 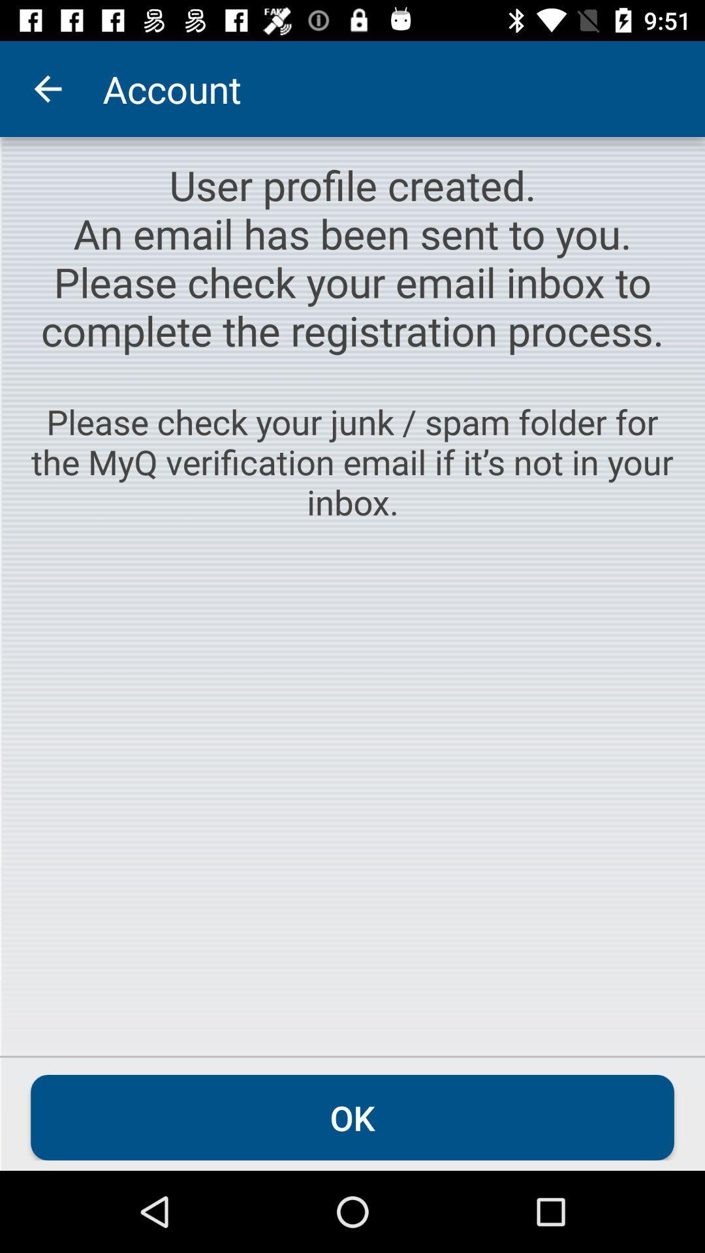 I want to click on item to the left of account item, so click(x=47, y=88).